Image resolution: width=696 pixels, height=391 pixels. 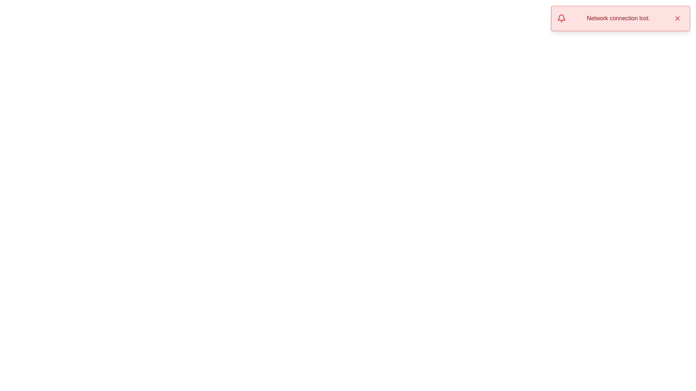 What do you see at coordinates (677, 18) in the screenshot?
I see `the dismissal button with an 'X' icon located at the top-right corner of the notification box` at bounding box center [677, 18].